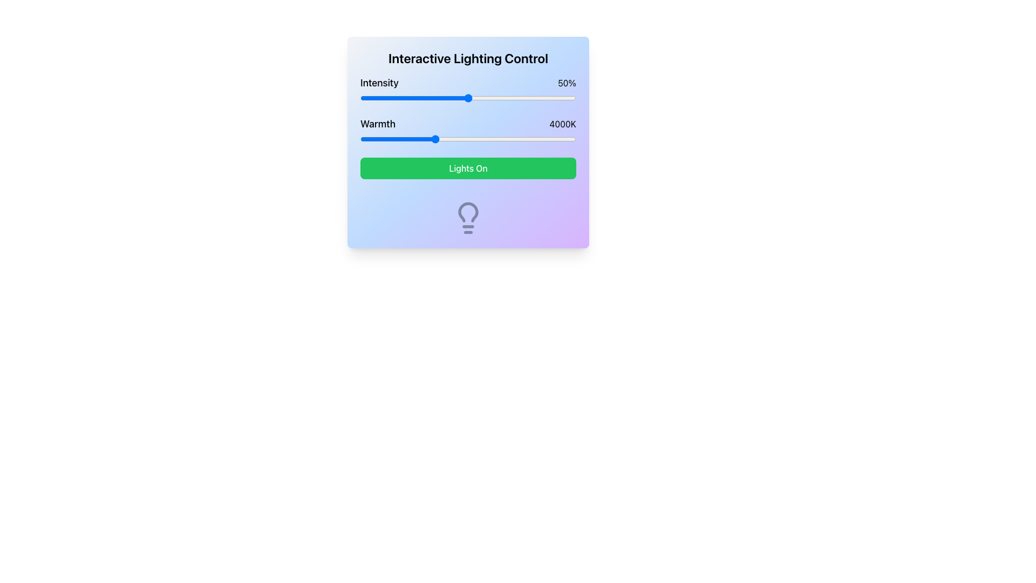 Image resolution: width=1036 pixels, height=583 pixels. Describe the element at coordinates (464, 98) in the screenshot. I see `the slider value` at that location.